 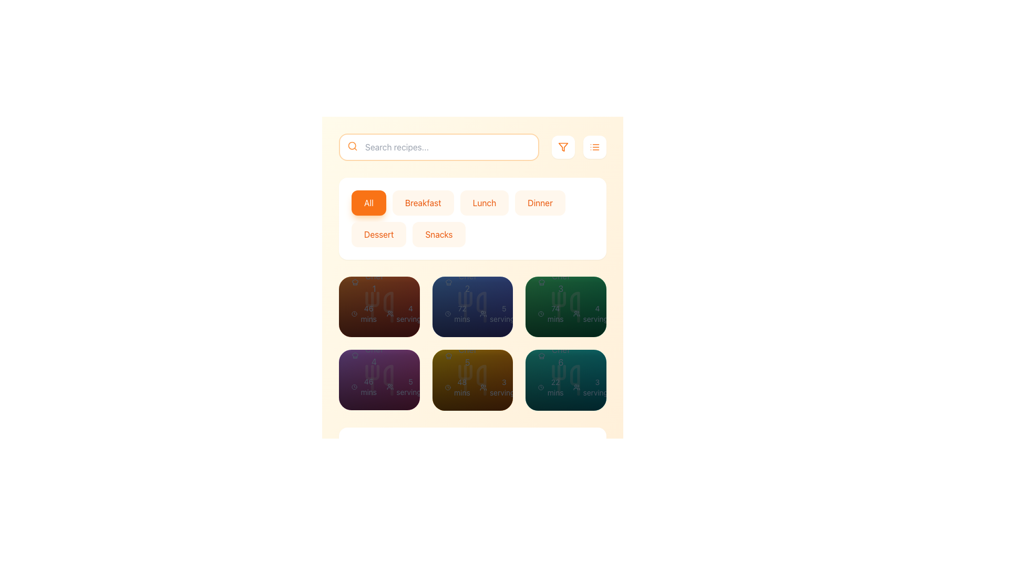 I want to click on duration displayed next to the clock icon, which indicates the recipe preparation time as '46 mins', so click(x=365, y=387).